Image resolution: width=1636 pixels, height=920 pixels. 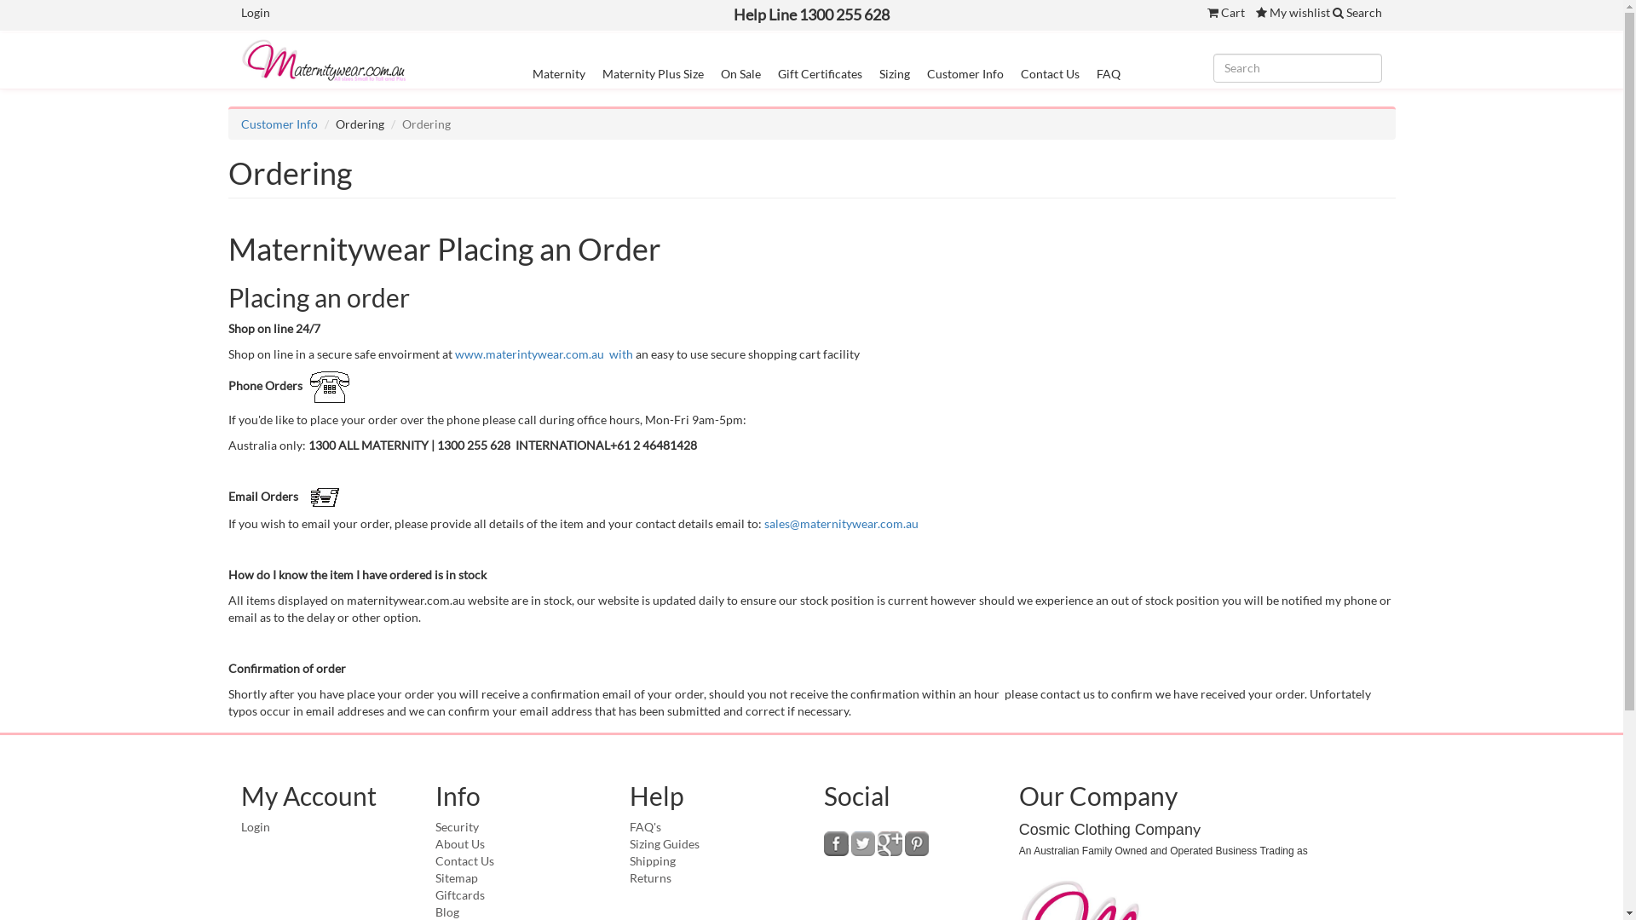 I want to click on 'FAQ's', so click(x=644, y=825).